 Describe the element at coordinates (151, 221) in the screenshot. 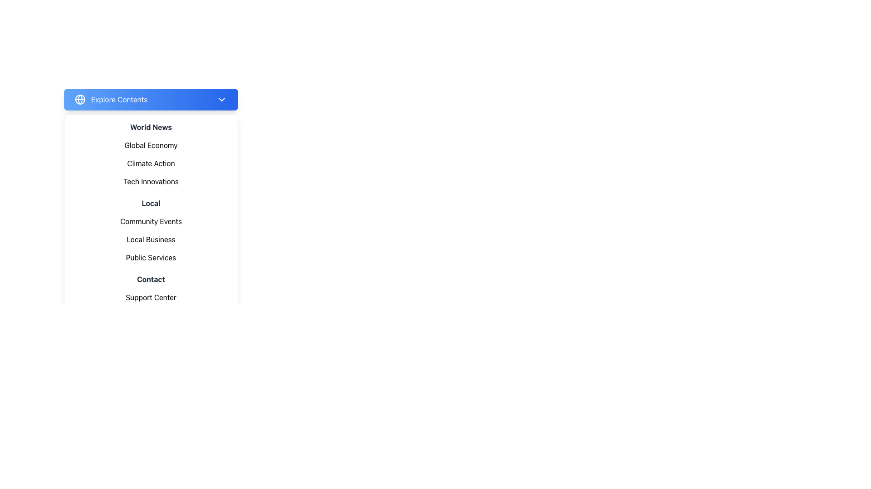

I see `the 'Community Events' text label navigational item` at that location.